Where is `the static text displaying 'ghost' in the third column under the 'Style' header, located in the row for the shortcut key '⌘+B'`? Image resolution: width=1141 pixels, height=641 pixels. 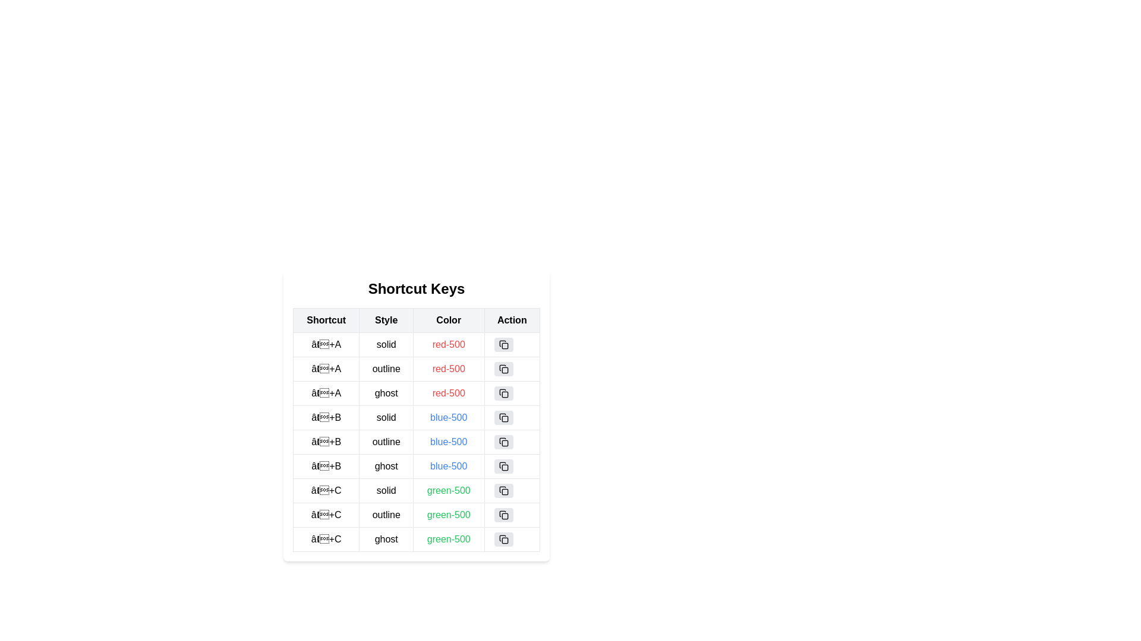 the static text displaying 'ghost' in the third column under the 'Style' header, located in the row for the shortcut key '⌘+B' is located at coordinates (386, 466).